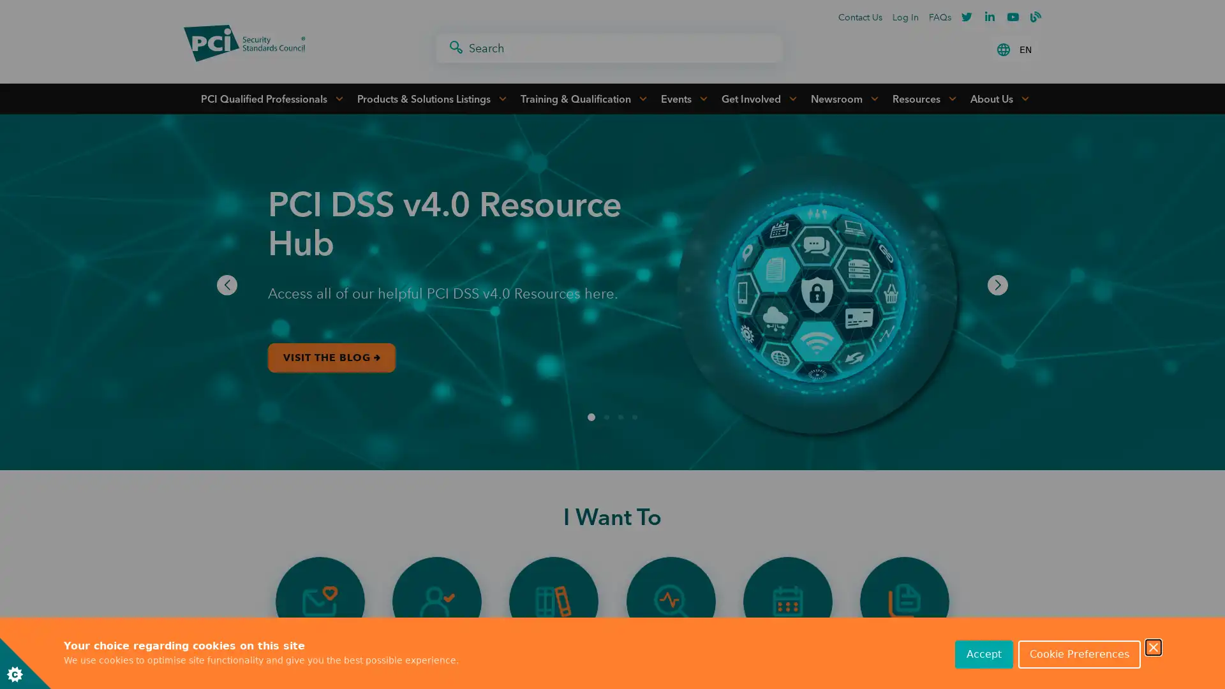  What do you see at coordinates (226, 284) in the screenshot?
I see `Previous slide` at bounding box center [226, 284].